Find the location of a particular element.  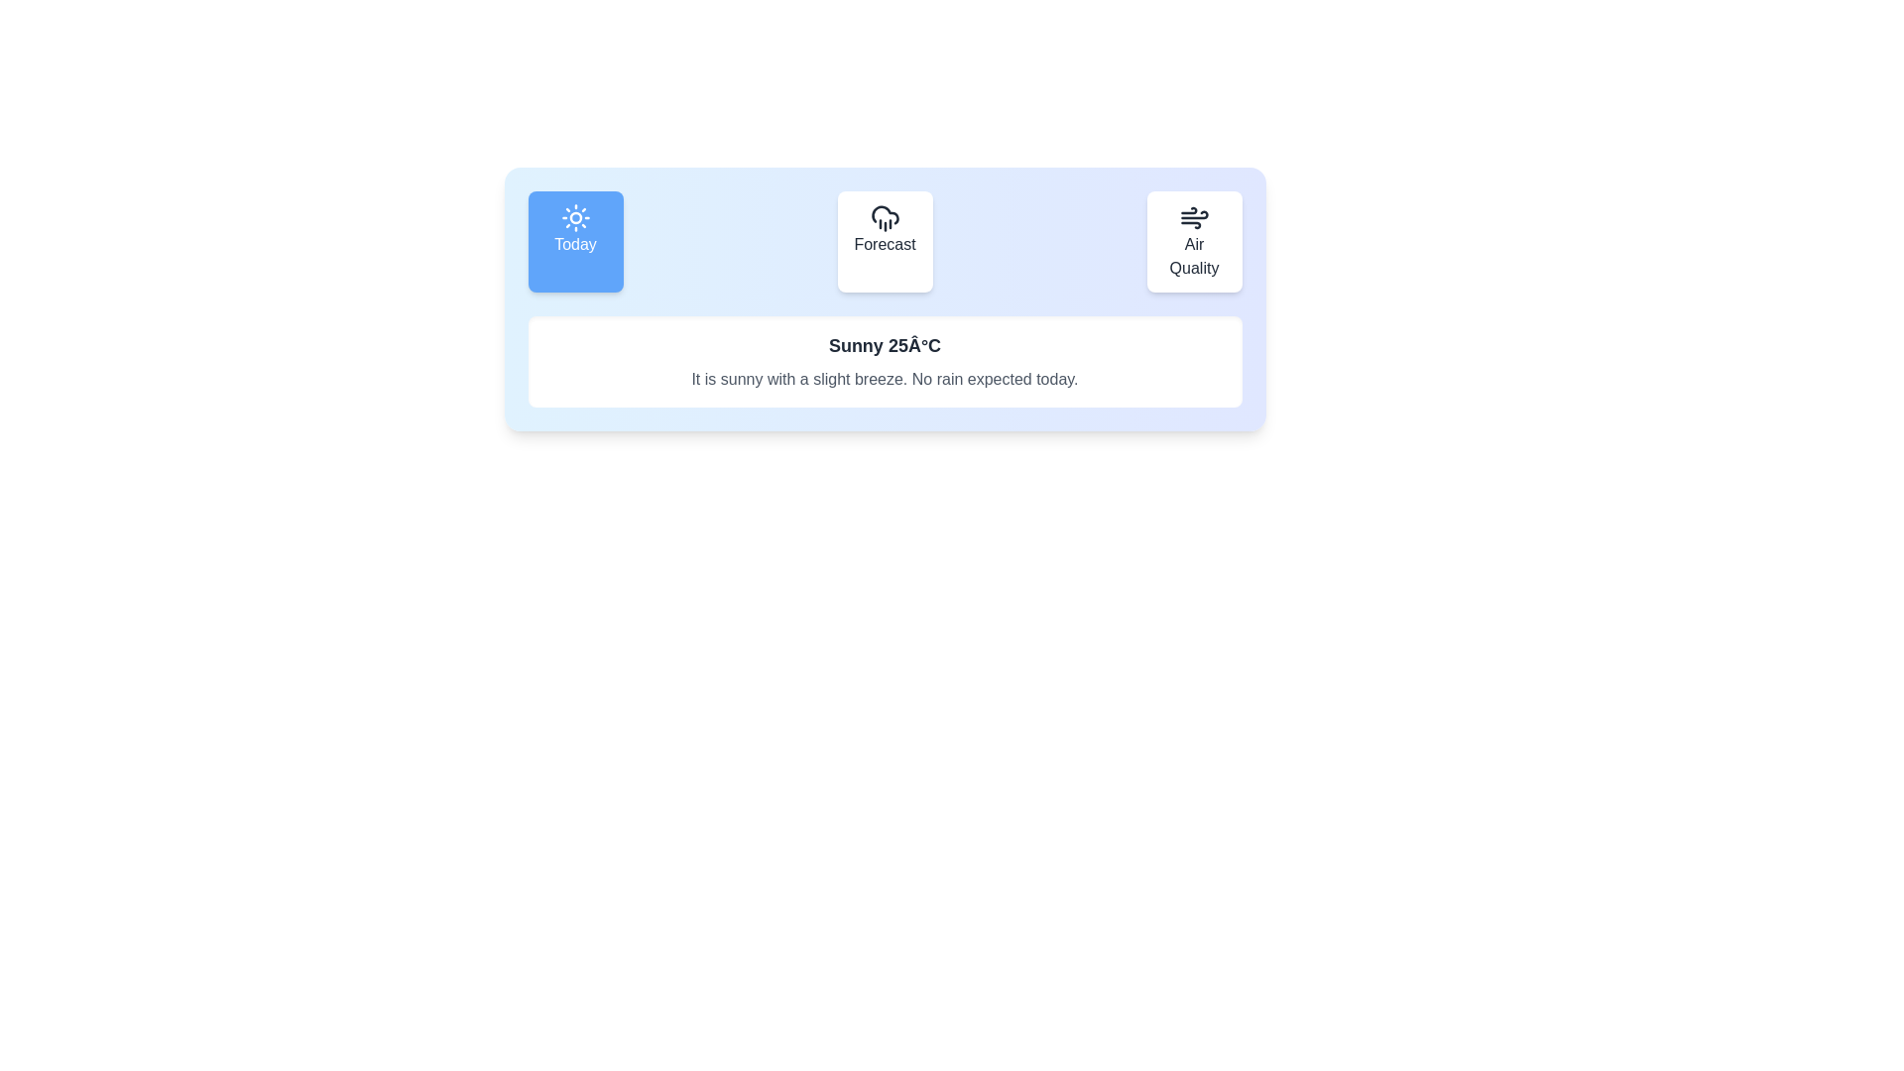

the Air Quality tab is located at coordinates (1193, 240).